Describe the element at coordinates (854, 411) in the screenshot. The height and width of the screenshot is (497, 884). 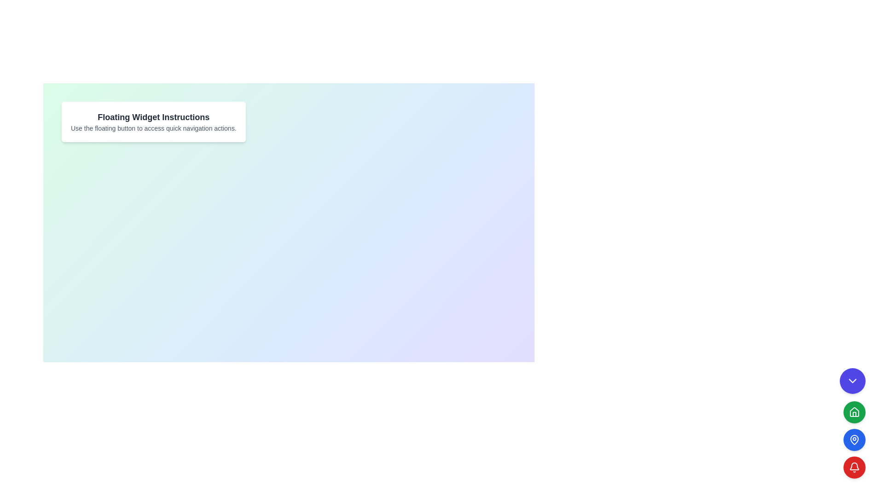
I see `the Icon button with a house symbol` at that location.